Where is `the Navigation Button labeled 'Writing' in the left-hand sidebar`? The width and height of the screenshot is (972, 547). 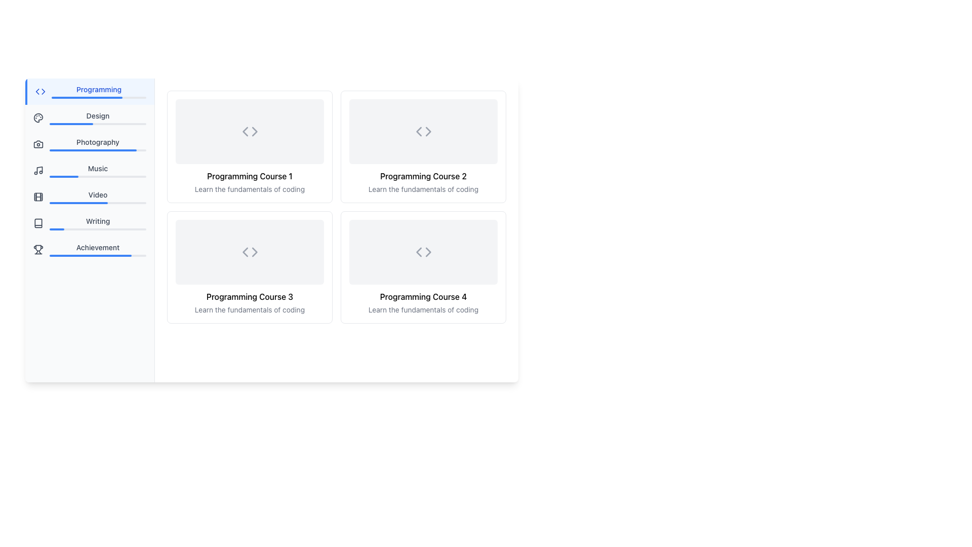
the Navigation Button labeled 'Writing' in the left-hand sidebar is located at coordinates (90, 222).